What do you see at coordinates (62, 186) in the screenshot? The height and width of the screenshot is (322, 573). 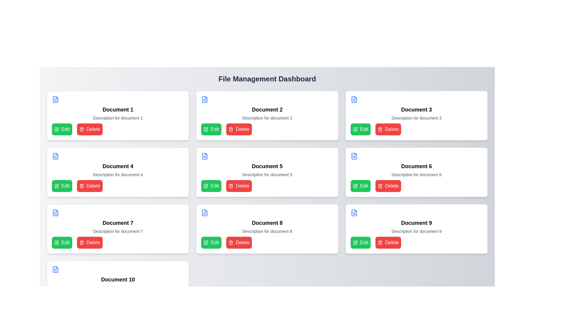 I see `the button` at bounding box center [62, 186].